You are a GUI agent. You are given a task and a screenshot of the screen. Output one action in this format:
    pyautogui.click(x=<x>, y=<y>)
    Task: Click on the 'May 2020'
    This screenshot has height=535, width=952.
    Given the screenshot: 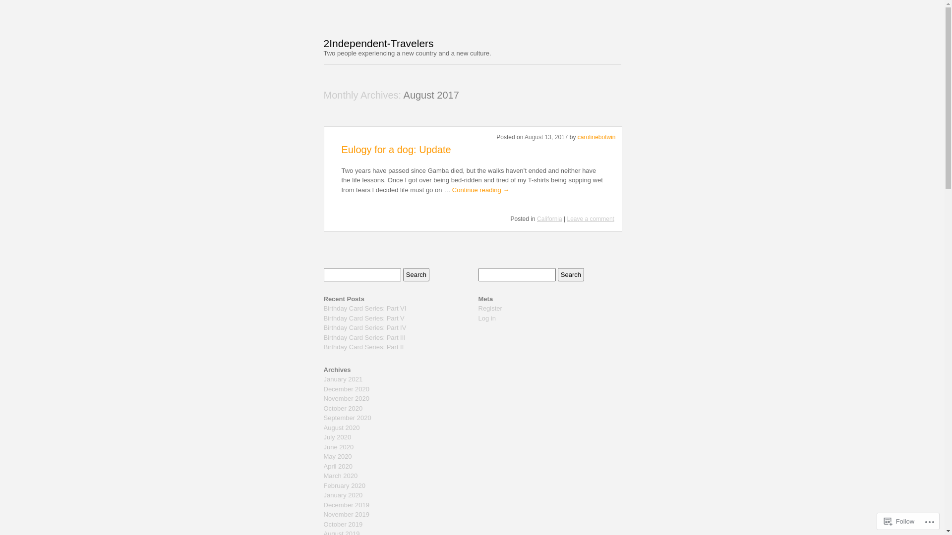 What is the action you would take?
    pyautogui.click(x=337, y=456)
    